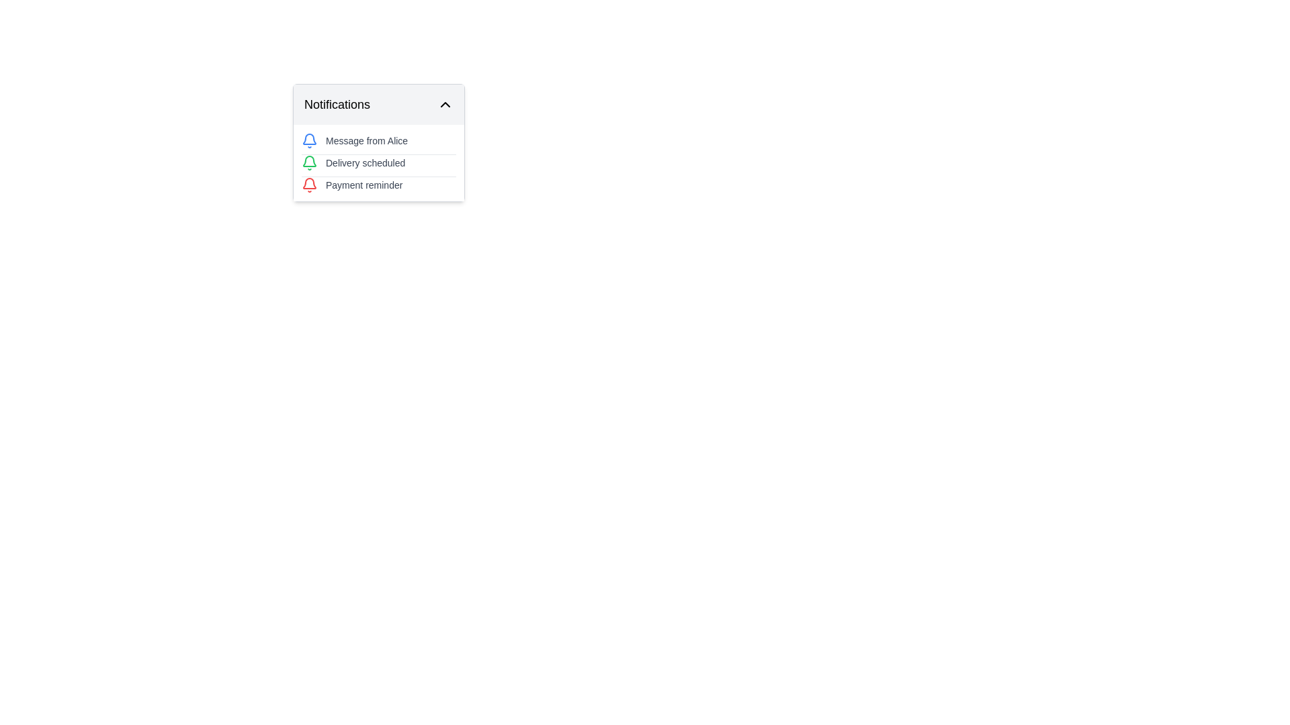 This screenshot has width=1290, height=725. Describe the element at coordinates (367, 140) in the screenshot. I see `the text label displaying 'Message from Alice', which is the first entry in the notifications list, positioned to the right of the blue notification bell icon` at that location.